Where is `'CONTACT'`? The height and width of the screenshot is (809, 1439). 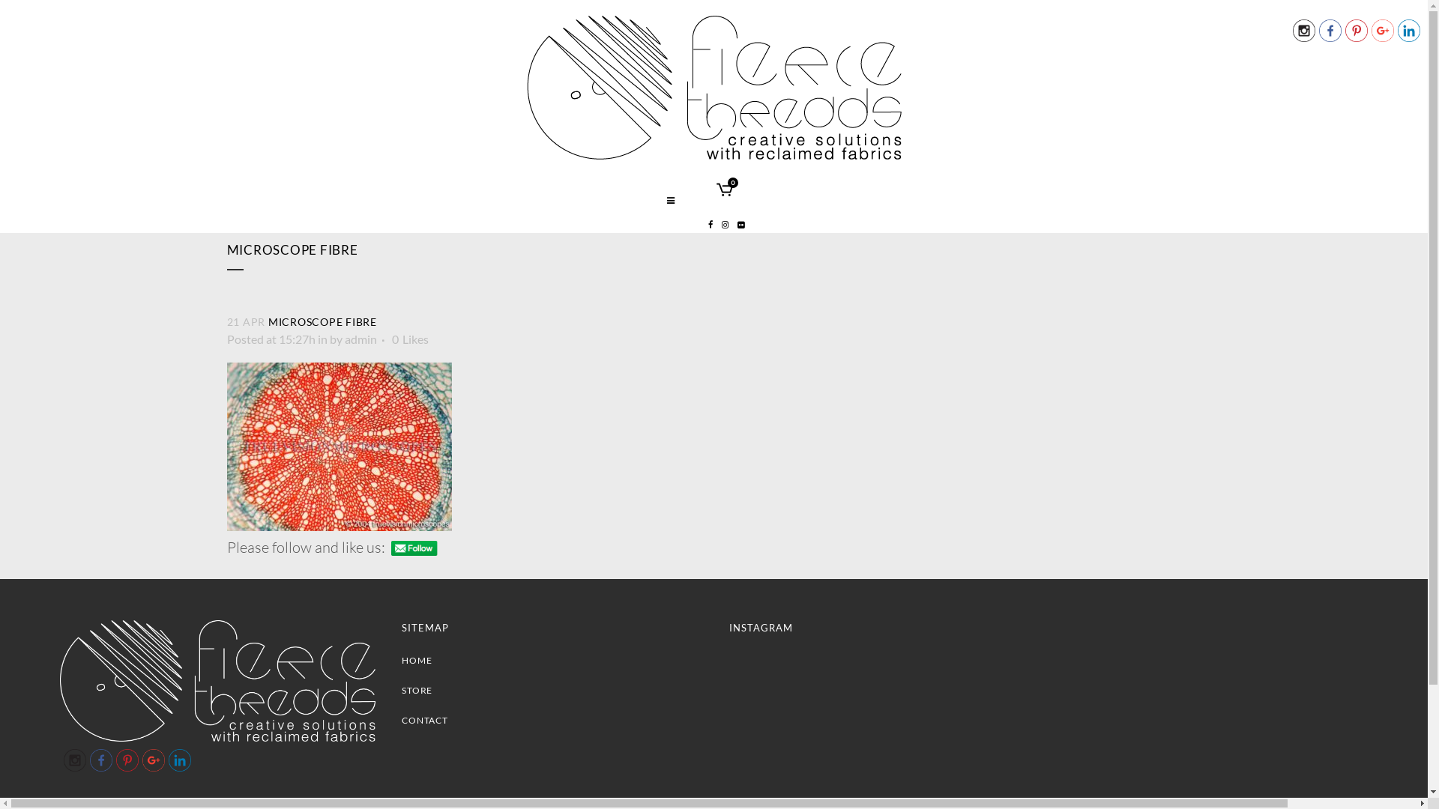
'CONTACT' is located at coordinates (553, 719).